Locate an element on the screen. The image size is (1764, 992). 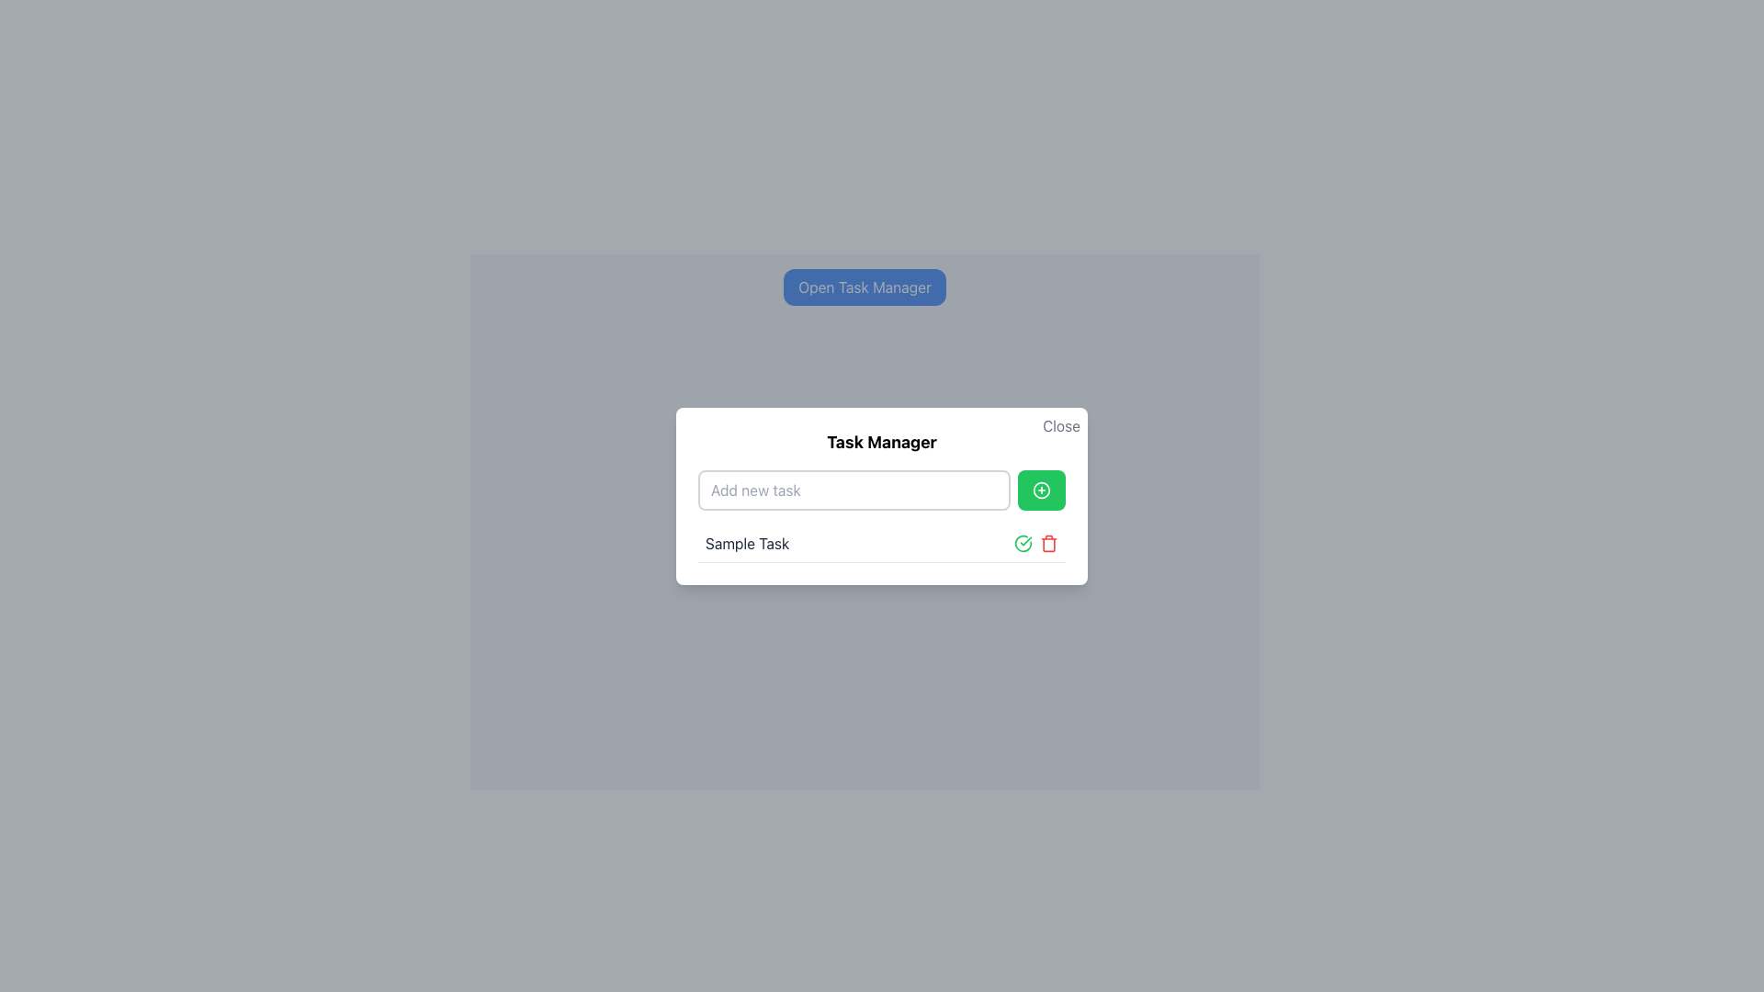
the confirmation button located to the right of the task input field in the task manager interface to confirm the action of adding a new task is located at coordinates (1022, 541).